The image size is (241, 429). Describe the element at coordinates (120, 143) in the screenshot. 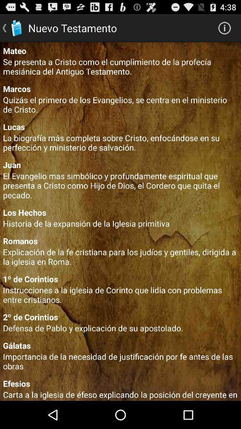

I see `the item below lucas item` at that location.